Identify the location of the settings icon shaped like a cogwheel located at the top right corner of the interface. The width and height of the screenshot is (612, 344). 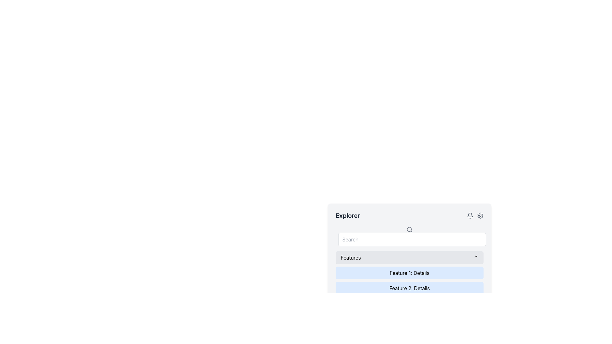
(480, 215).